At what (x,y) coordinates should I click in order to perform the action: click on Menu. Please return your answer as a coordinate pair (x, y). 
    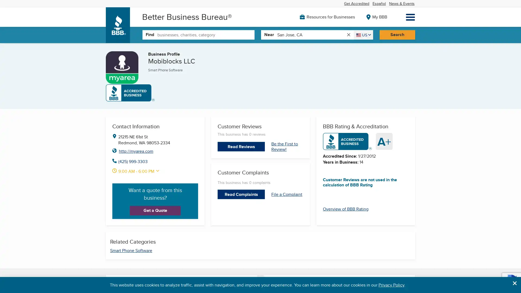
    Looking at the image, I should click on (410, 17).